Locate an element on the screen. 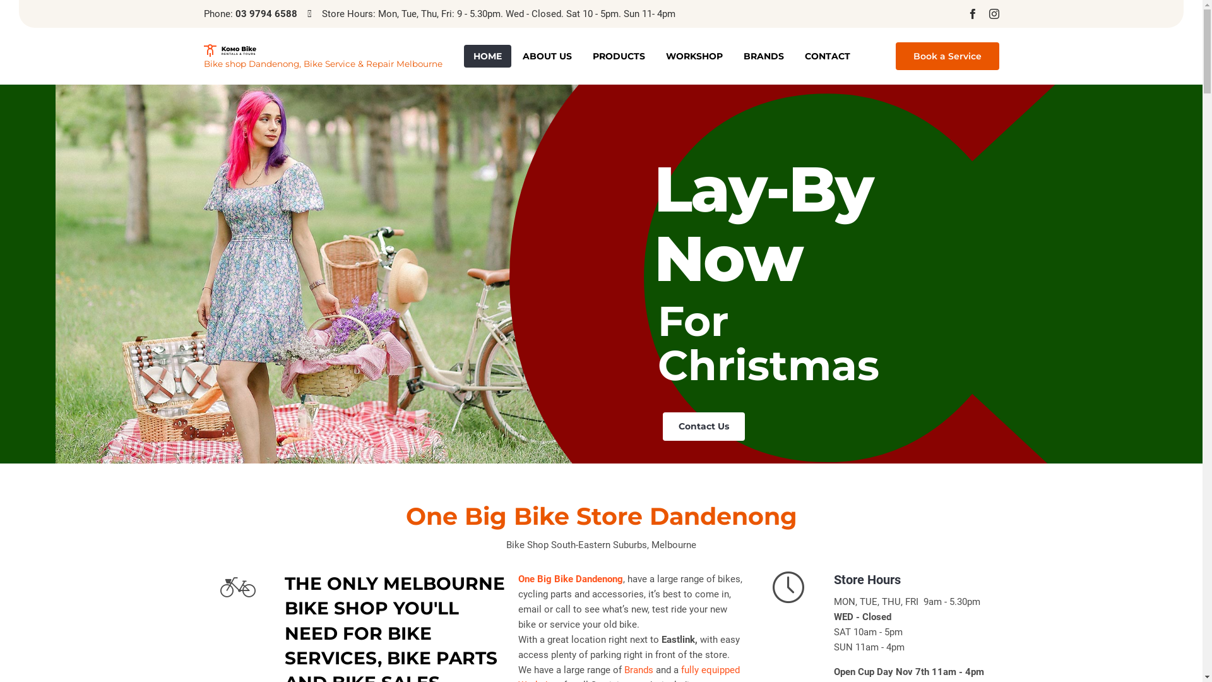  'One Big Bike Dandenong' is located at coordinates (569, 579).